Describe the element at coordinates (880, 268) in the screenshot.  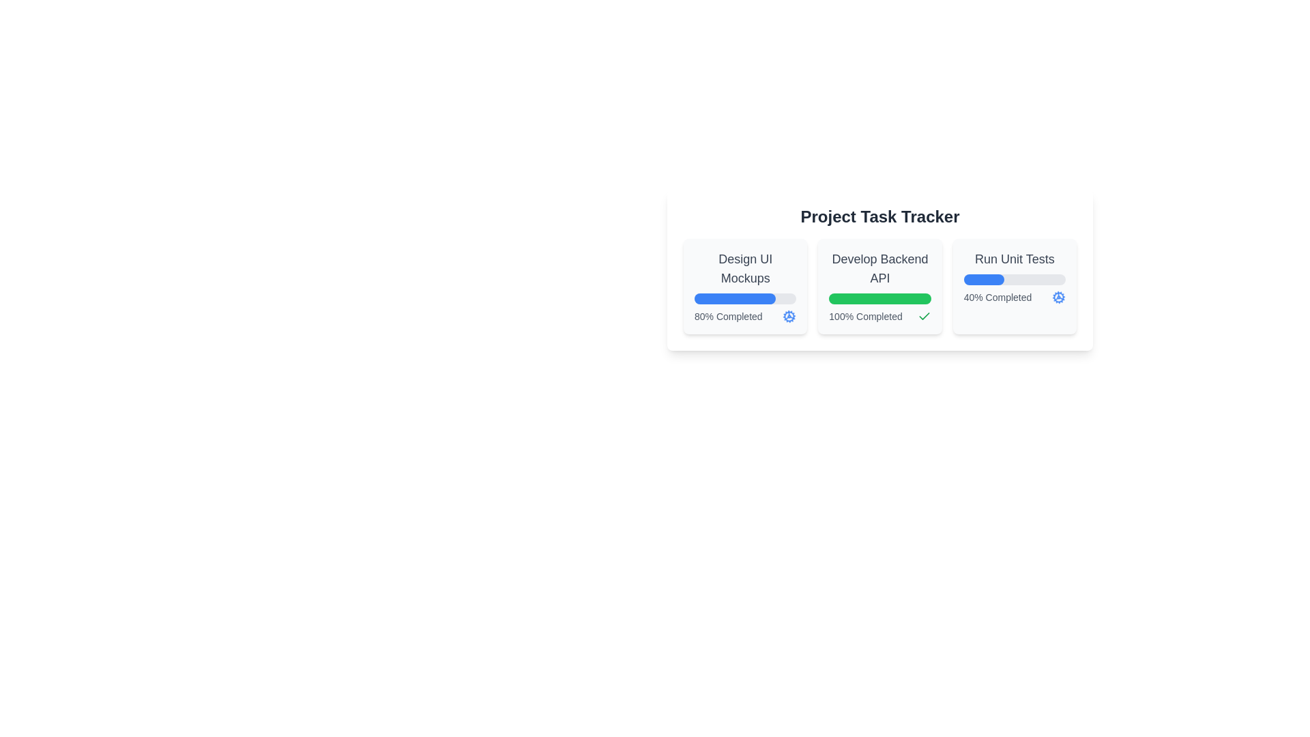
I see `the title text label representing the task 'Develop Backend API', which is centrally positioned at the top of its task card` at that location.